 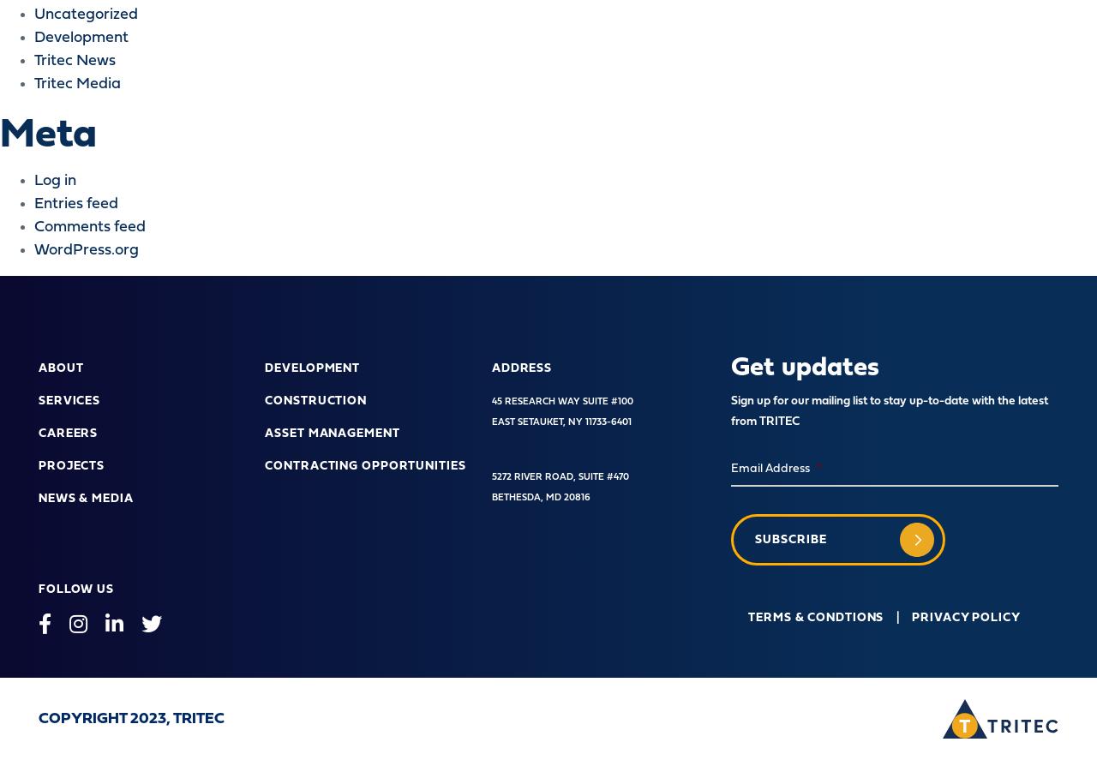 I want to click on '*', so click(x=818, y=468).